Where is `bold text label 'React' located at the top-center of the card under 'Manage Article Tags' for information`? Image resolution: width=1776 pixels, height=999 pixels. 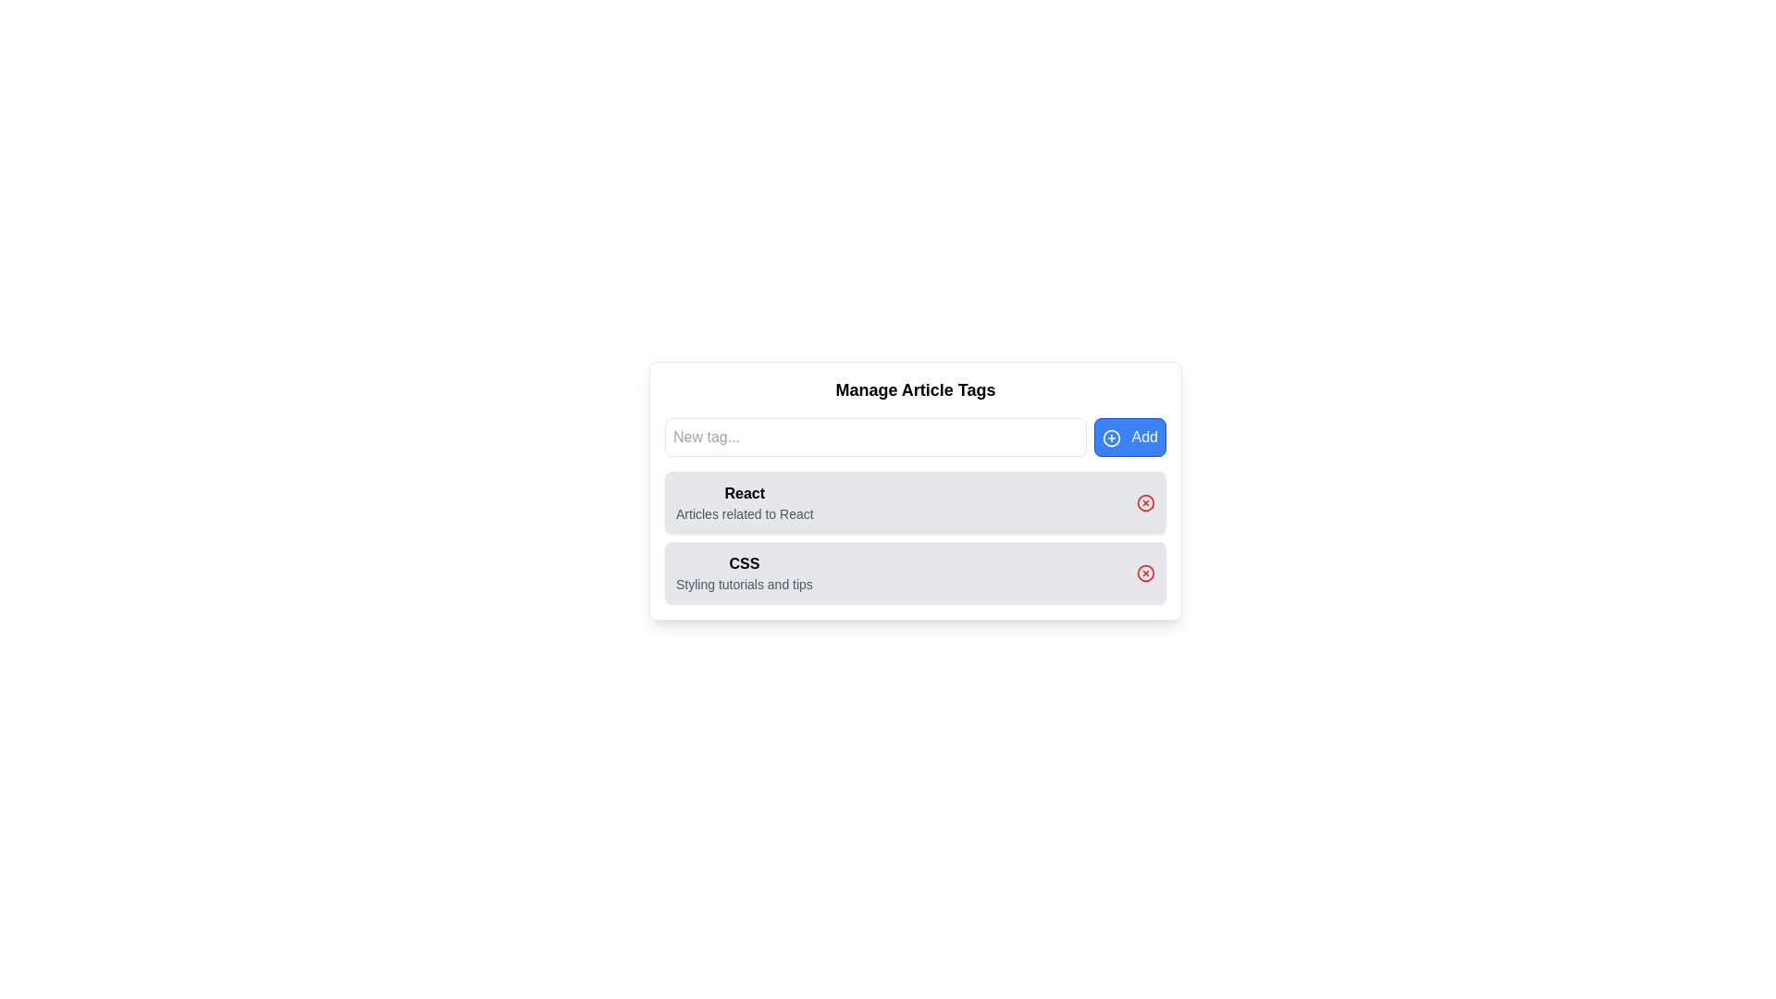
bold text label 'React' located at the top-center of the card under 'Manage Article Tags' for information is located at coordinates (745, 492).